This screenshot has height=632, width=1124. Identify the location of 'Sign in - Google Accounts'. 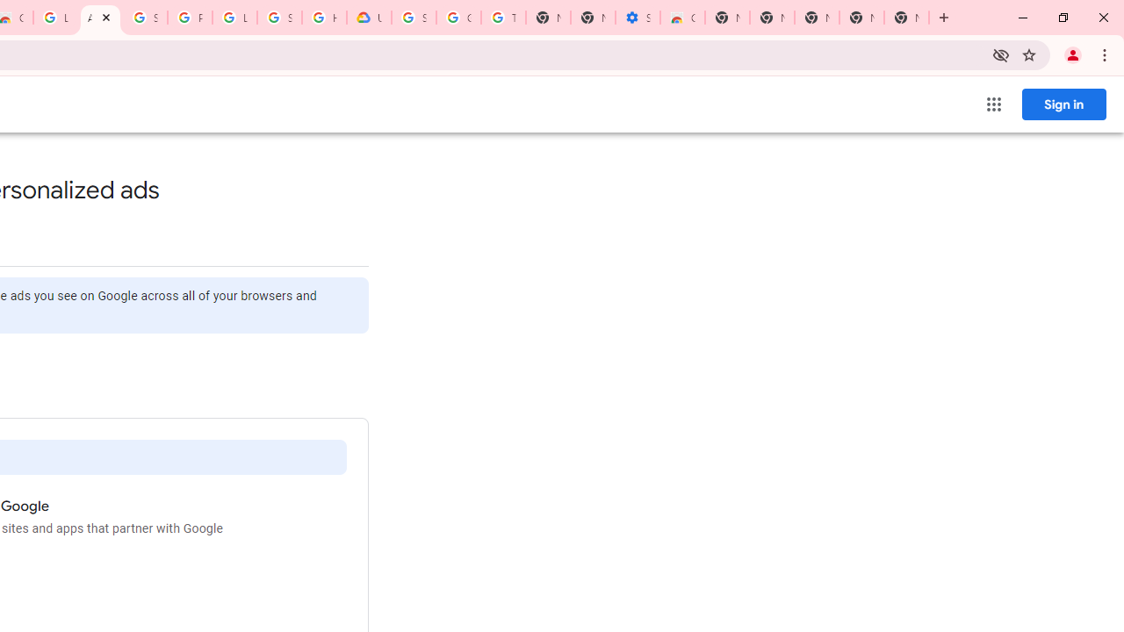
(145, 18).